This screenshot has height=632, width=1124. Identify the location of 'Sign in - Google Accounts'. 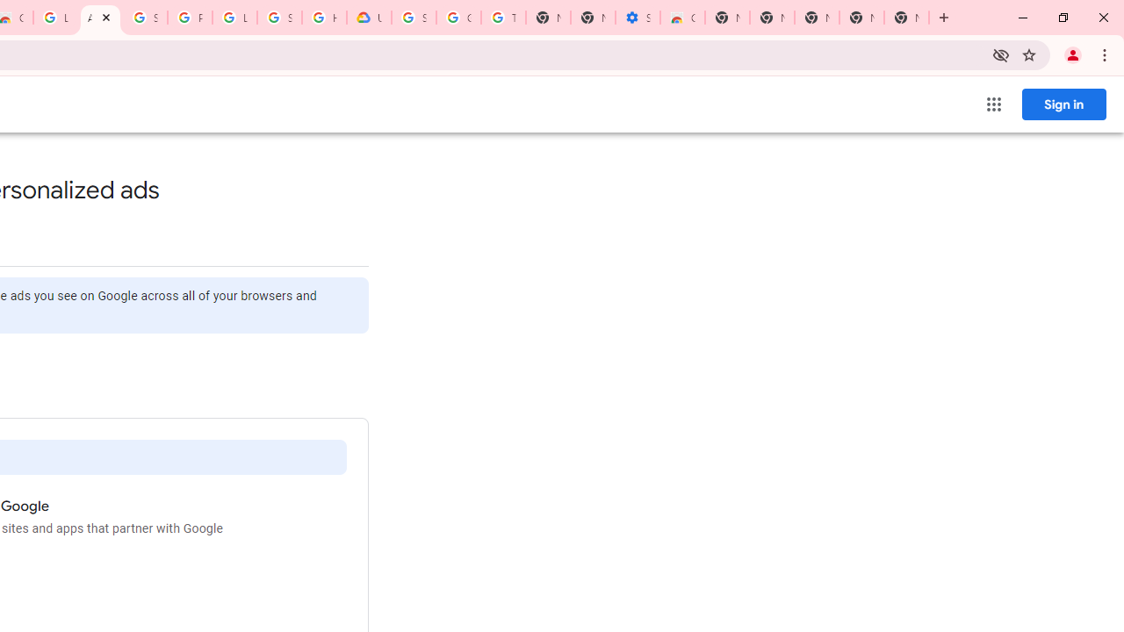
(145, 18).